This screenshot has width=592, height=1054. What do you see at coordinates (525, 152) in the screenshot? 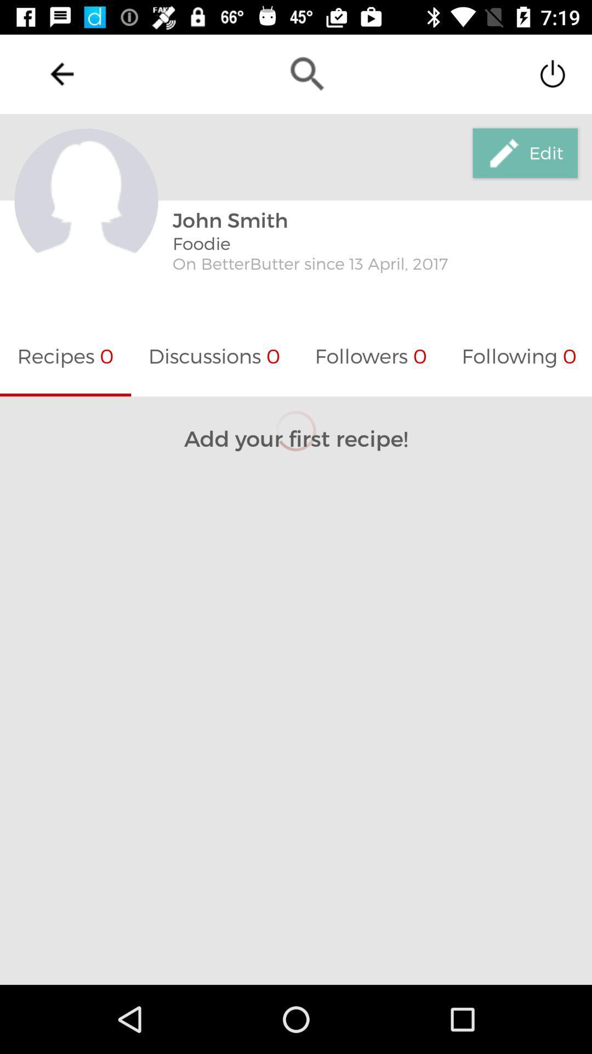
I see `edit icon` at bounding box center [525, 152].